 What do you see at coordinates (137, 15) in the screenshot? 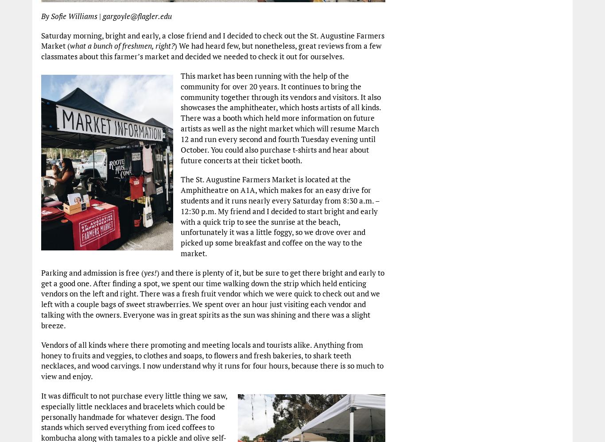
I see `'gargoyle@flagler.edu'` at bounding box center [137, 15].